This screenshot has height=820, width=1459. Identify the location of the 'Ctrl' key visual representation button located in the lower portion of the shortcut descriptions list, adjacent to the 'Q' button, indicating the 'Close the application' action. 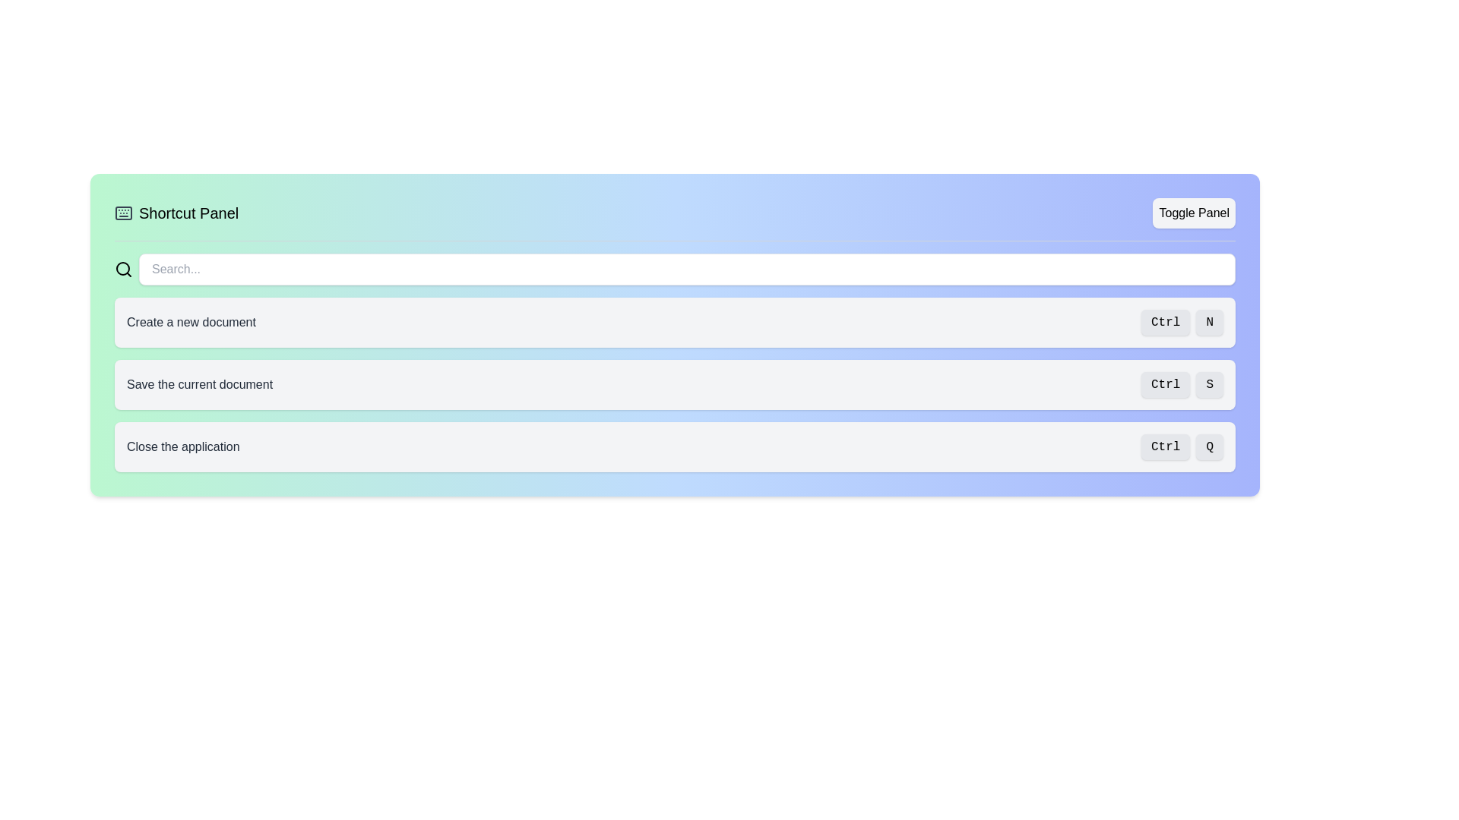
(1165, 446).